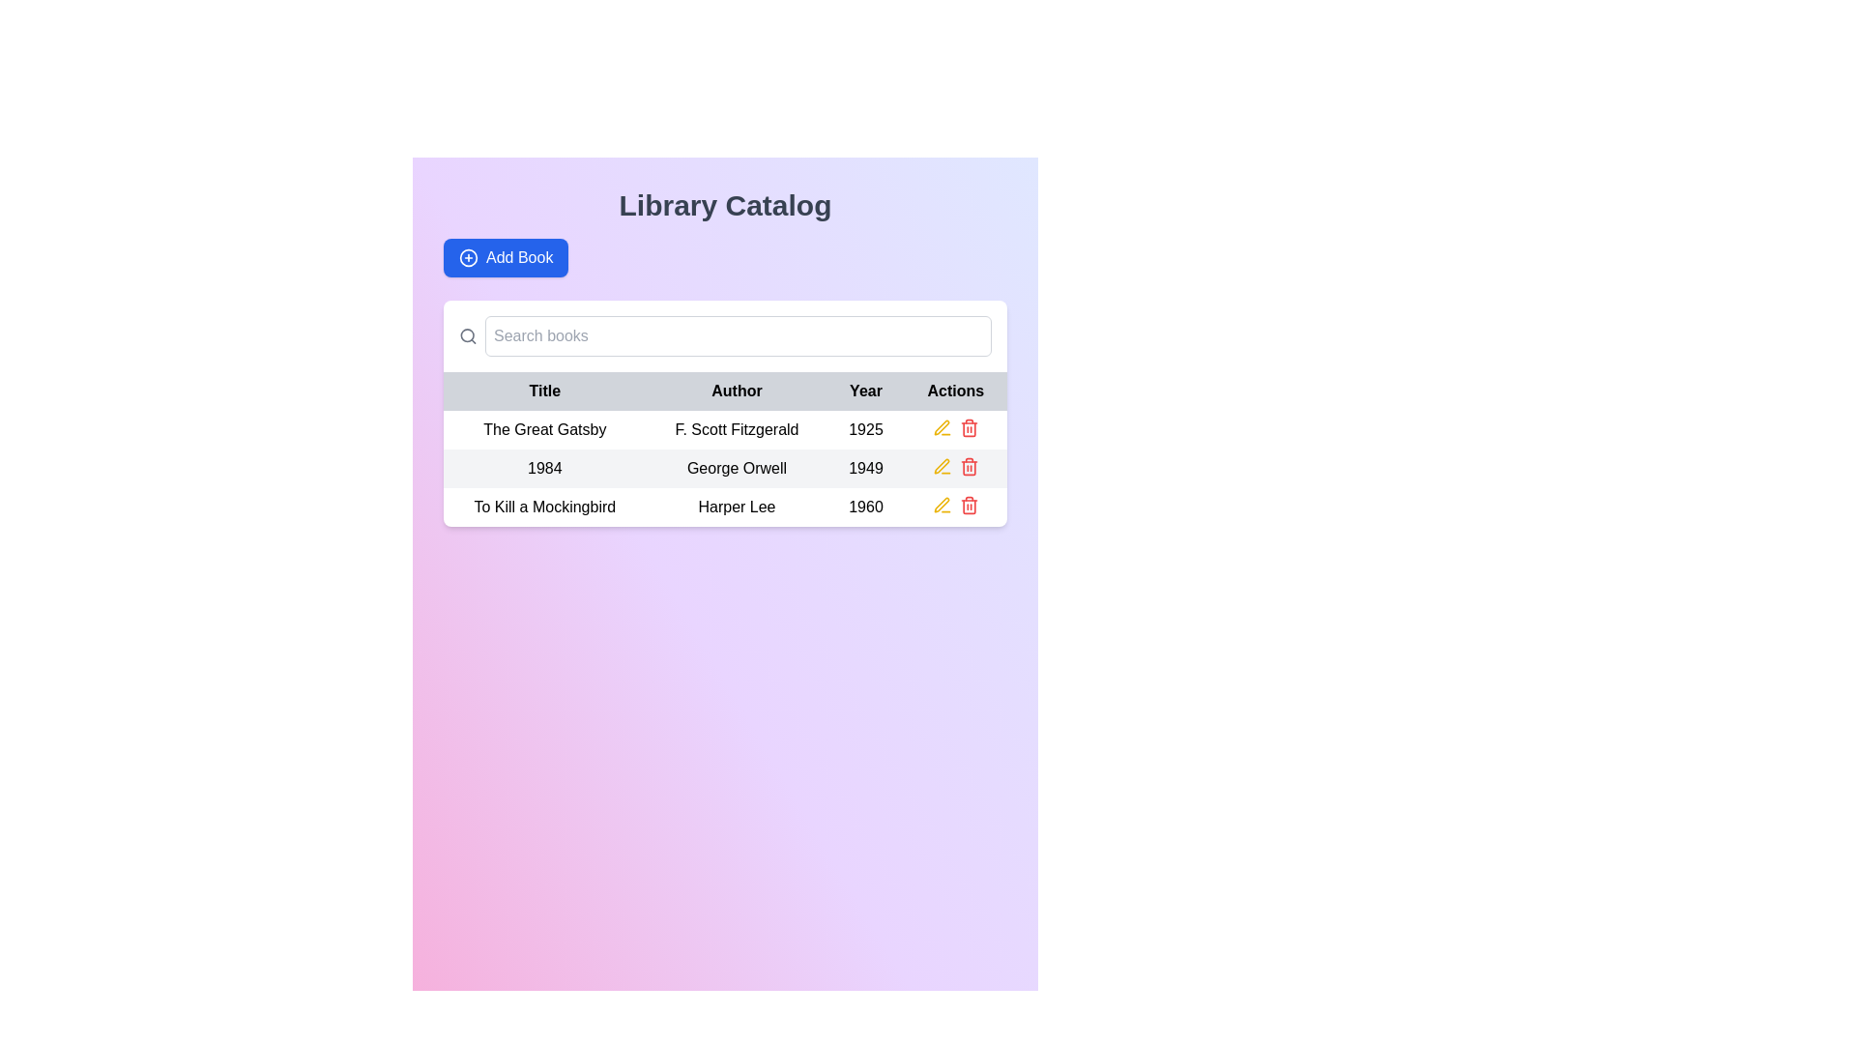 This screenshot has height=1044, width=1856. I want to click on the 'Add Book' button, which has a blue background, rounded corners, and white text with a plus sign icon, to observe the hover effect, so click(506, 256).